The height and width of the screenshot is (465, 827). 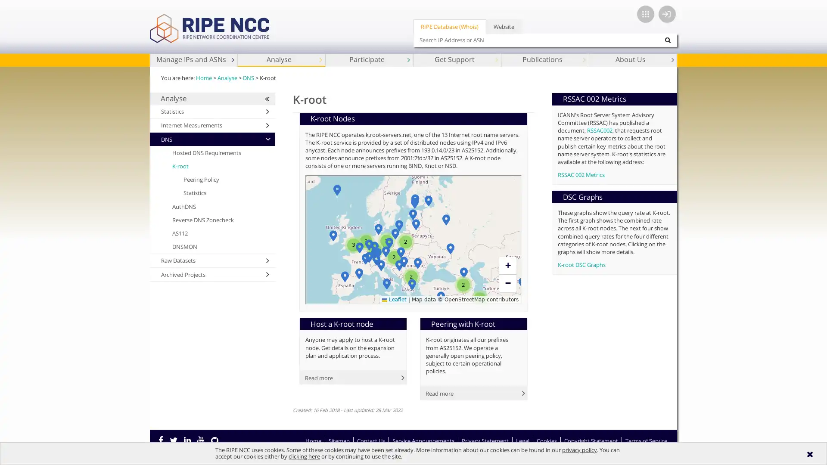 What do you see at coordinates (645, 14) in the screenshot?
I see `App switcher` at bounding box center [645, 14].